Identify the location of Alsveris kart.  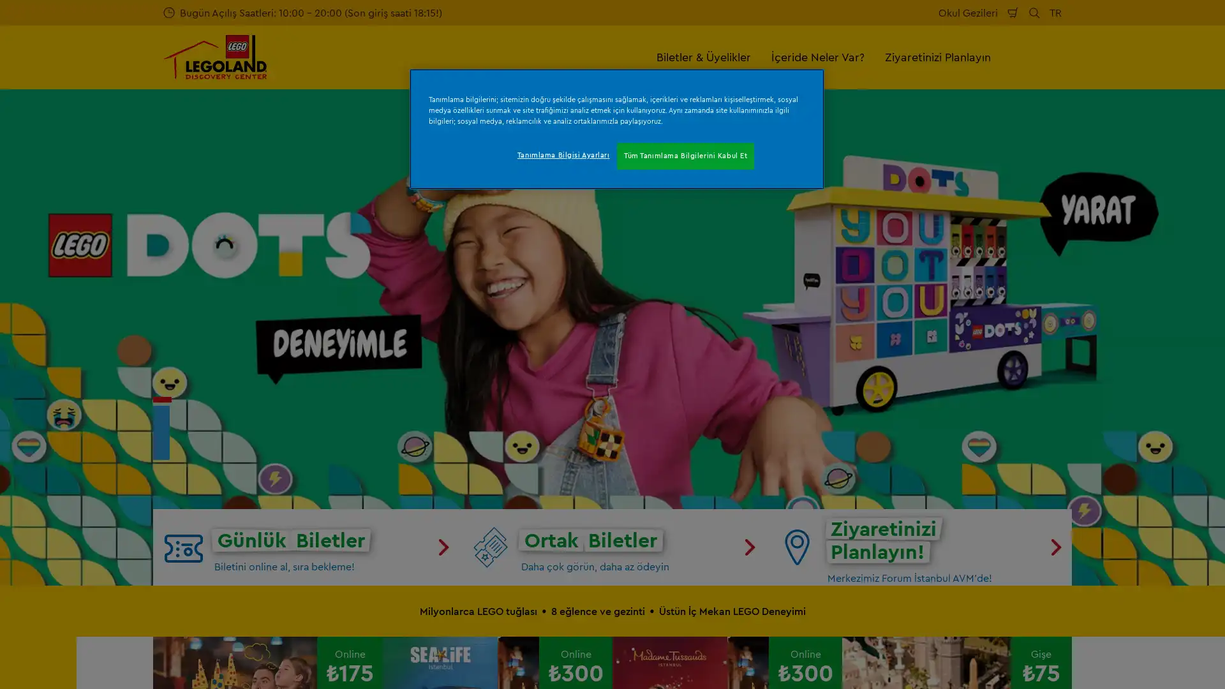
(1013, 12).